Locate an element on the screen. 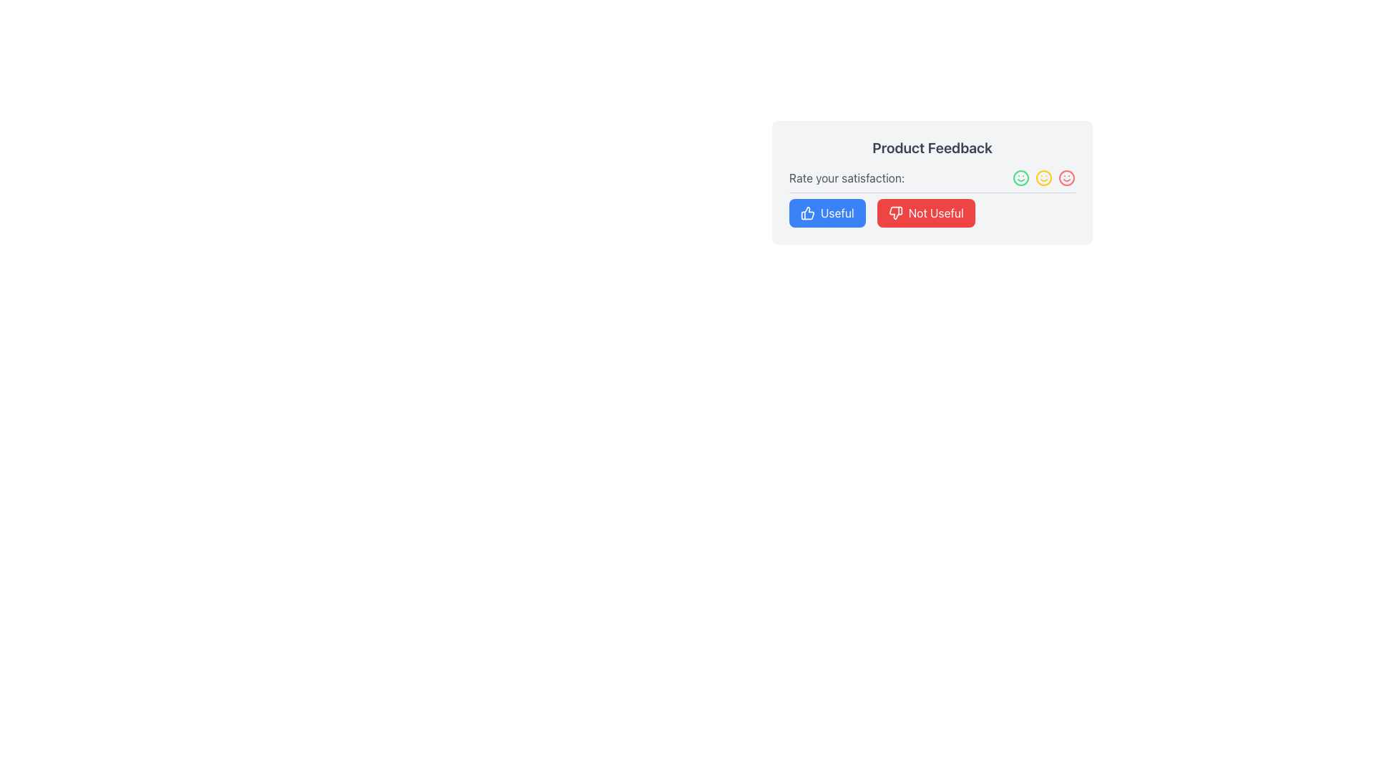  the thumbs-down icon in the 'Not Useful' button located on the right side of the button group at the bottom of the feedback section for additional functionality is located at coordinates (895, 213).